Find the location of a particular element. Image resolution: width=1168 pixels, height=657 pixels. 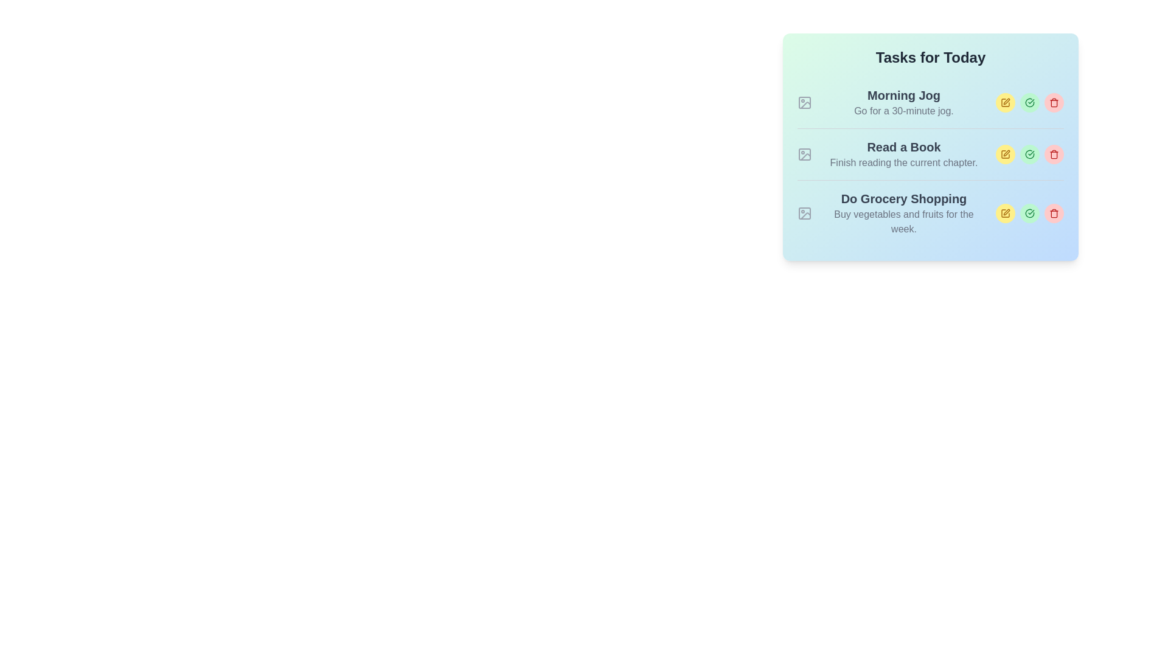

the small rectangular shape with rounded corners within the SVG icon for the 'Do Grocery Shopping' task is located at coordinates (805, 213).